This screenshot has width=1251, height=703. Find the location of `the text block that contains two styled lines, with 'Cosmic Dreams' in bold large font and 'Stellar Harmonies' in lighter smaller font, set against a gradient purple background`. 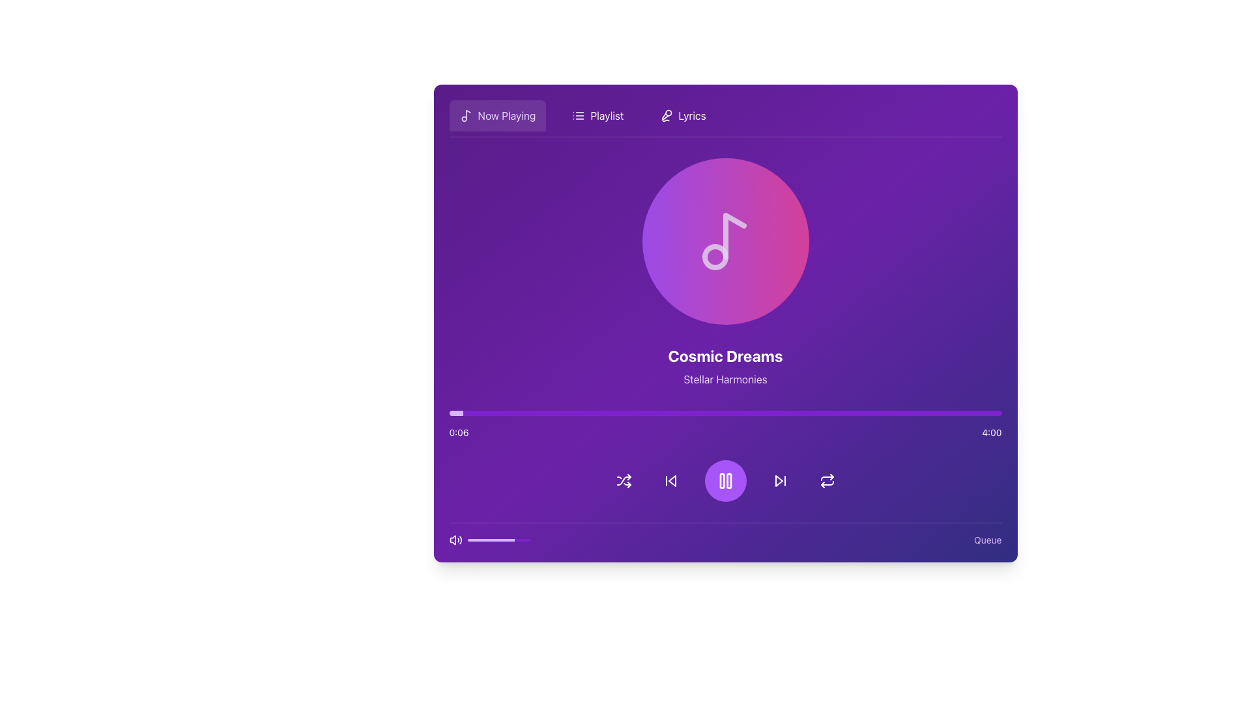

the text block that contains two styled lines, with 'Cosmic Dreams' in bold large font and 'Stellar Harmonies' in lighter smaller font, set against a gradient purple background is located at coordinates (725, 366).